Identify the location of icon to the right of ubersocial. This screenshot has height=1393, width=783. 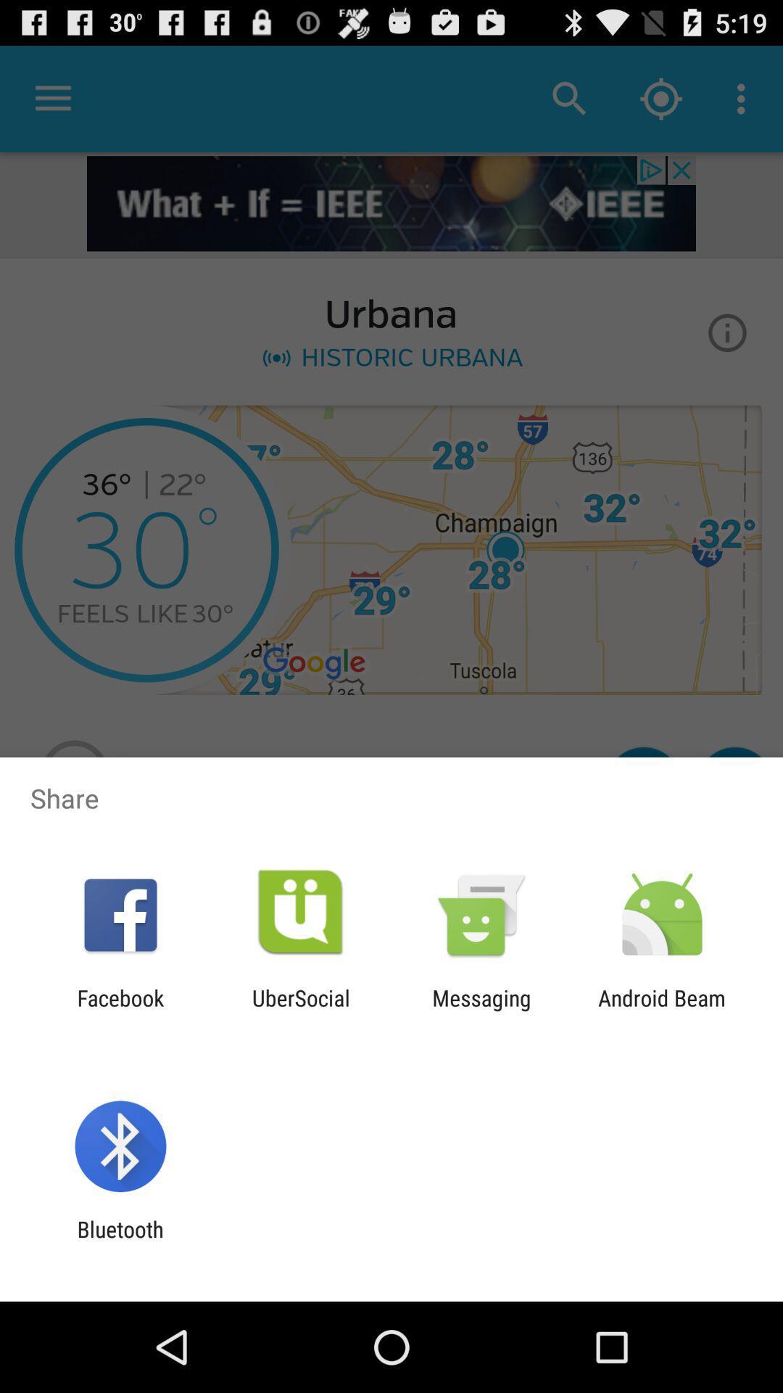
(481, 1010).